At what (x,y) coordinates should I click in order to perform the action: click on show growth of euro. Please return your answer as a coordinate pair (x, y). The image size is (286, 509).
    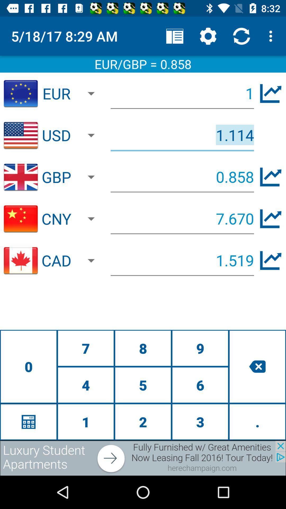
    Looking at the image, I should click on (271, 93).